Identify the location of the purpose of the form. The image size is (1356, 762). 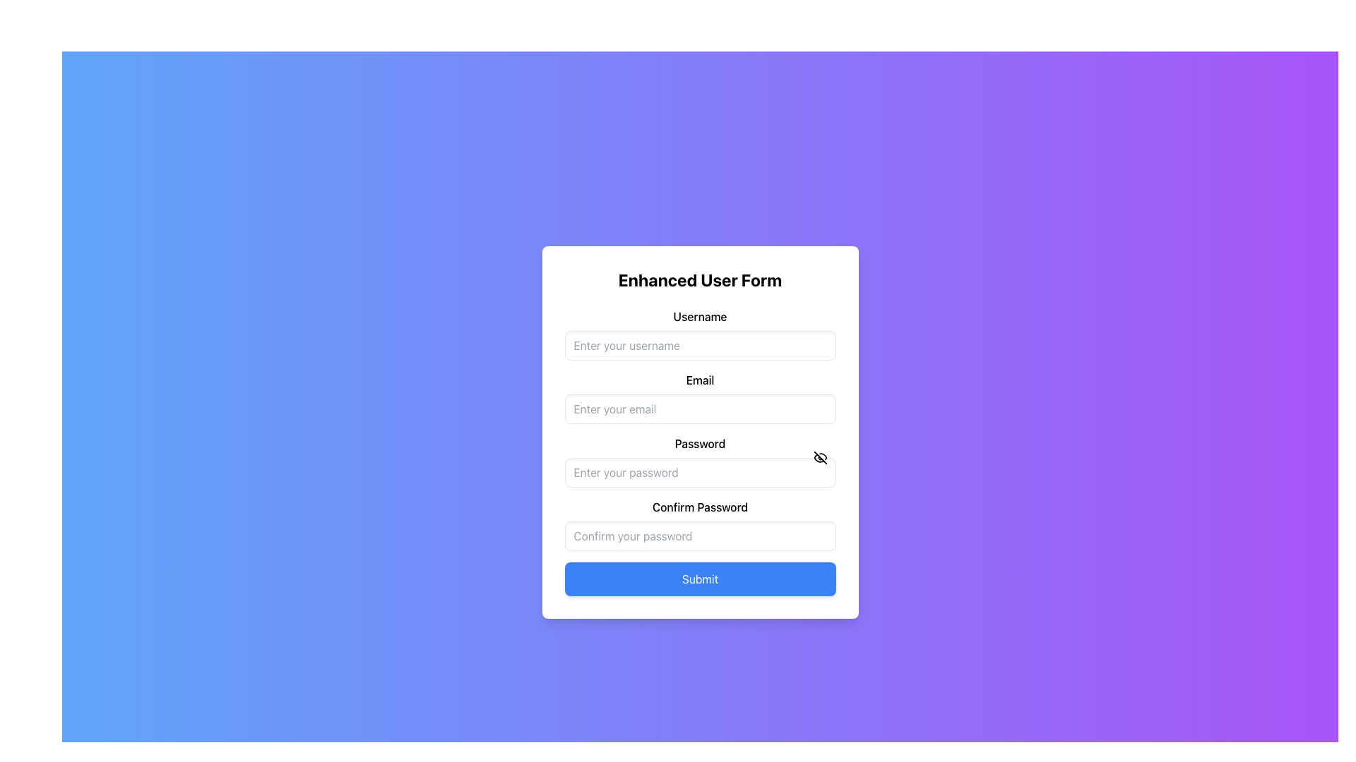
(700, 280).